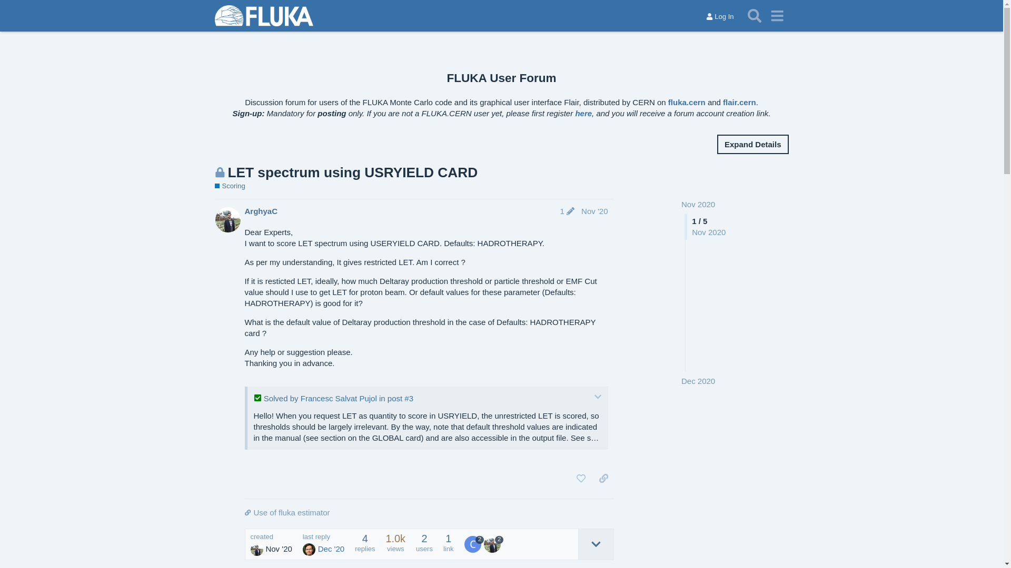  What do you see at coordinates (700, 16) in the screenshot?
I see `'Log In'` at bounding box center [700, 16].